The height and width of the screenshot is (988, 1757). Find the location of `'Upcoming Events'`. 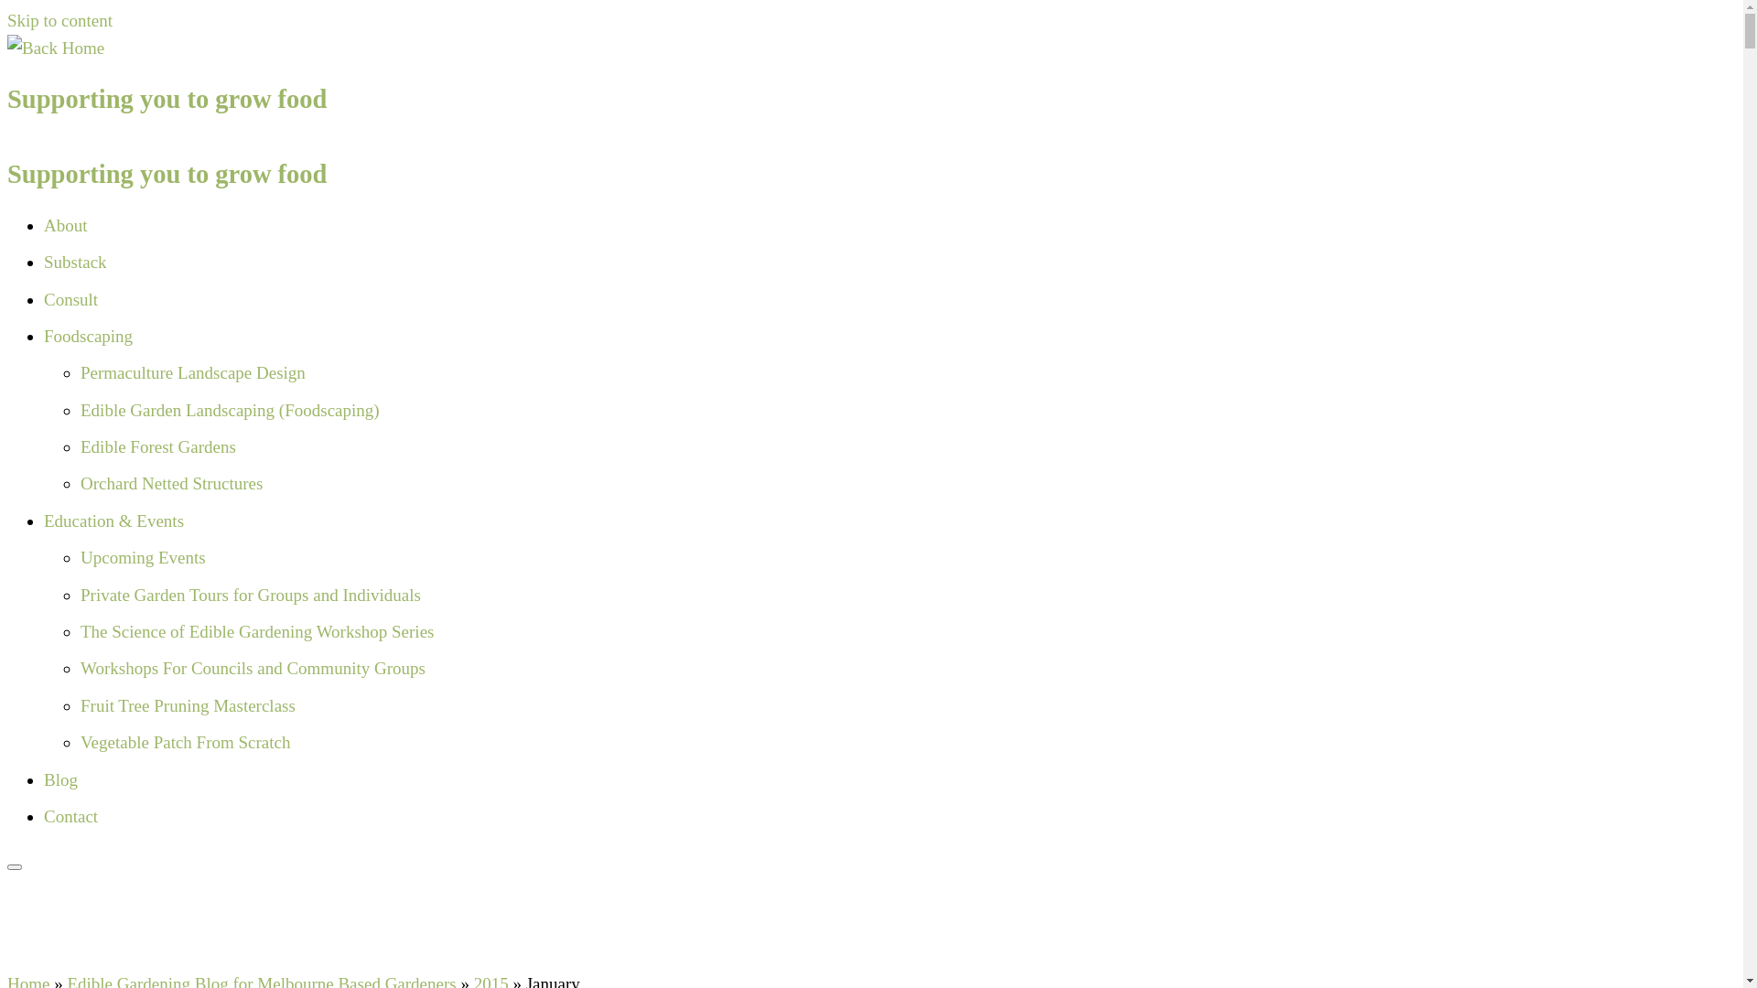

'Upcoming Events' is located at coordinates (142, 556).